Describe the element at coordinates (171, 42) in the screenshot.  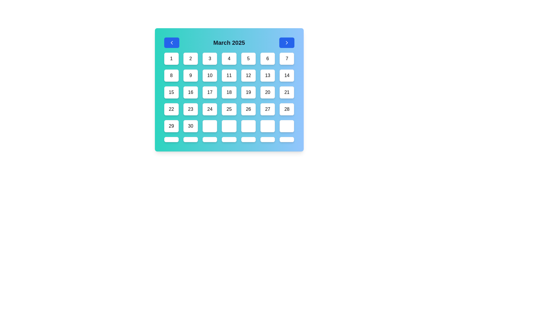
I see `the previous navigation icon located in the top-left side of the calendar interface` at that location.